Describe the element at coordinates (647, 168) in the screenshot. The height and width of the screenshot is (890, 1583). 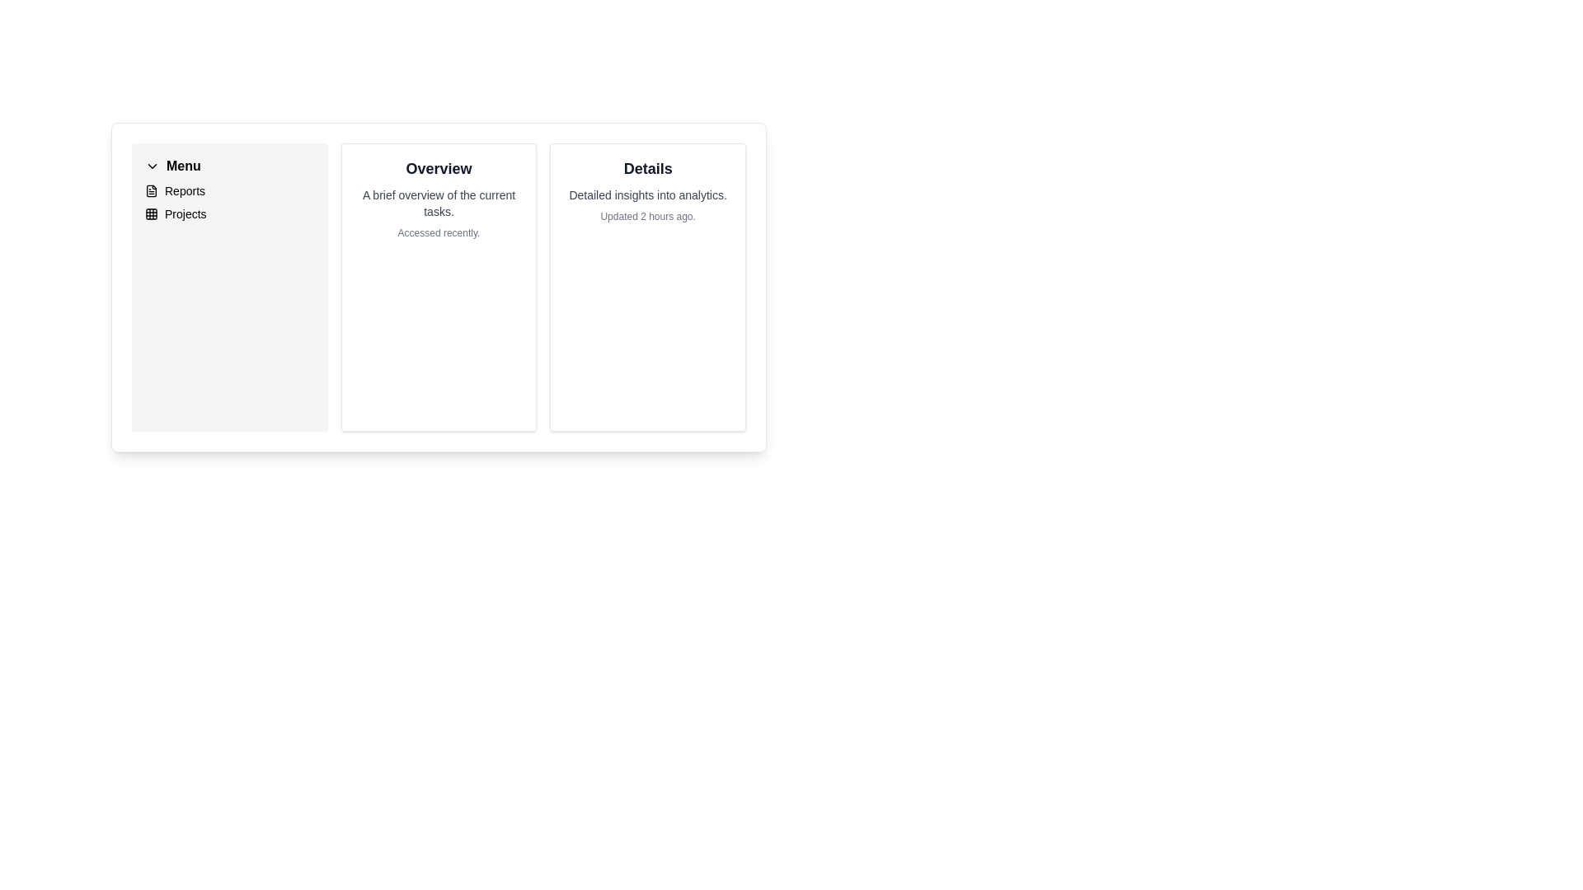
I see `static text header labeled 'Details' which is prominently displayed in bold, large dark gray font at the top of the rightmost card` at that location.